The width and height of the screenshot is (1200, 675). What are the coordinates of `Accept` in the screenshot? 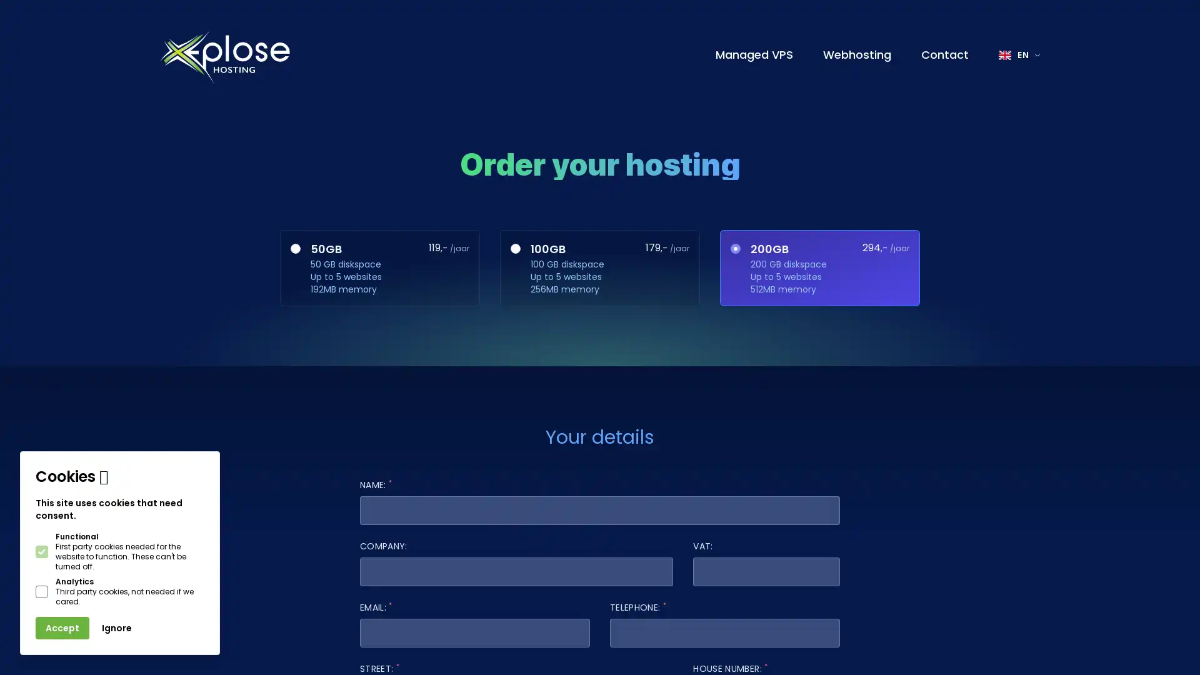 It's located at (62, 628).